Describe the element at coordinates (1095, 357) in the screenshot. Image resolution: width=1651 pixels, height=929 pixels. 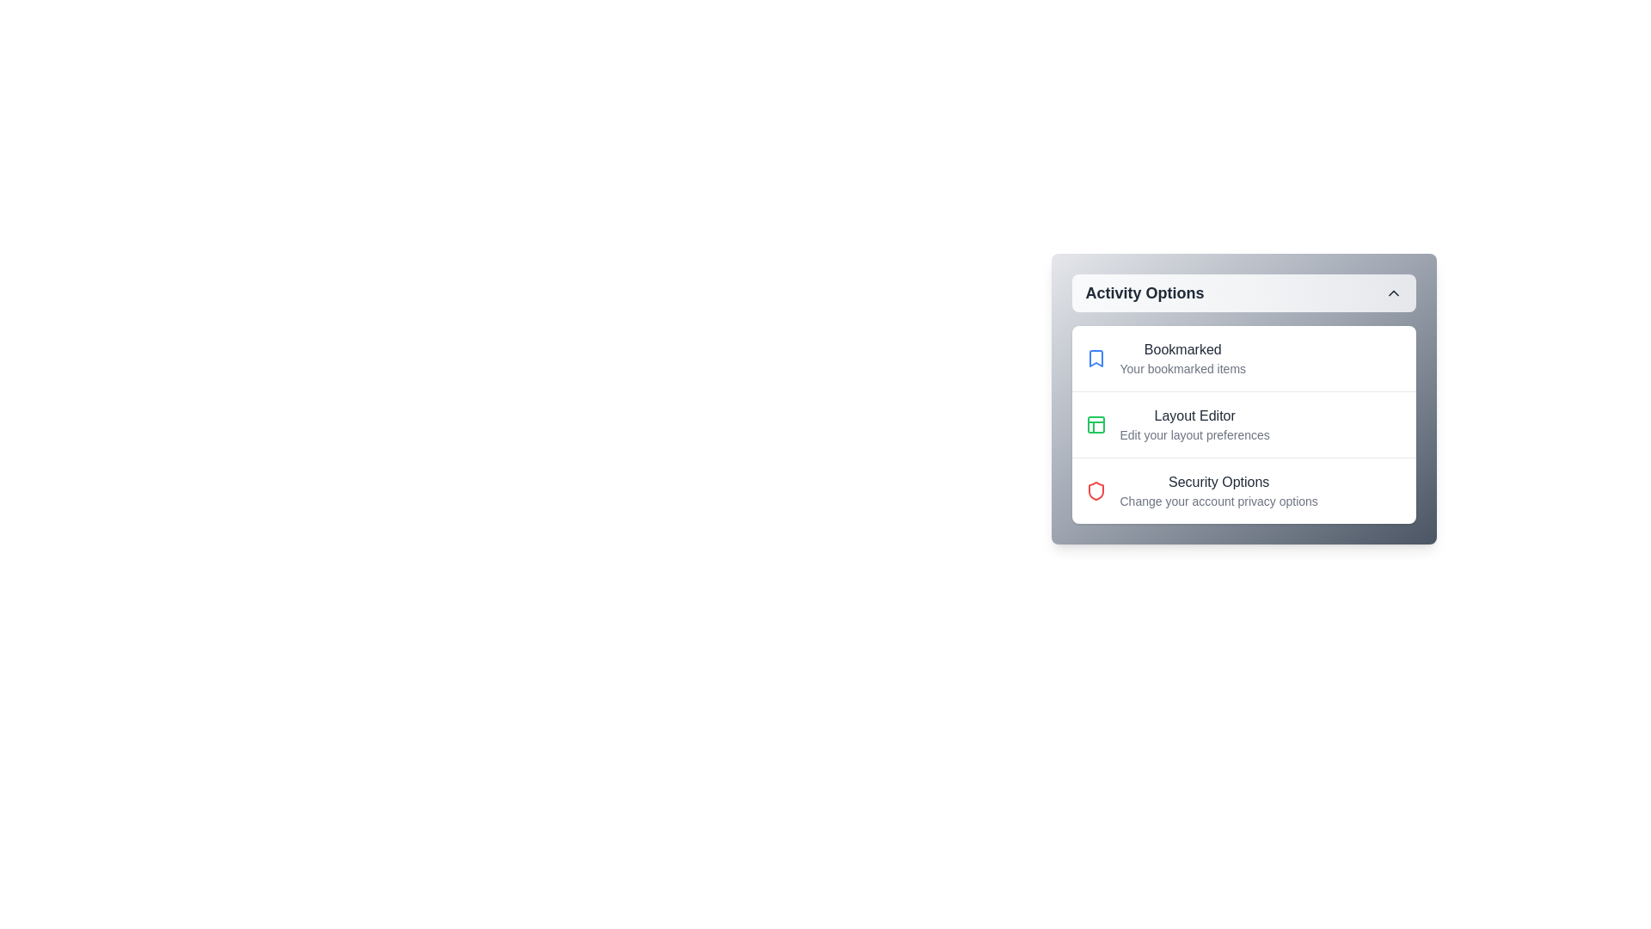
I see `the blue outlined bookmark icon located in the 'Activity Options' list, positioned to the left of the text 'Bookmarked'` at that location.